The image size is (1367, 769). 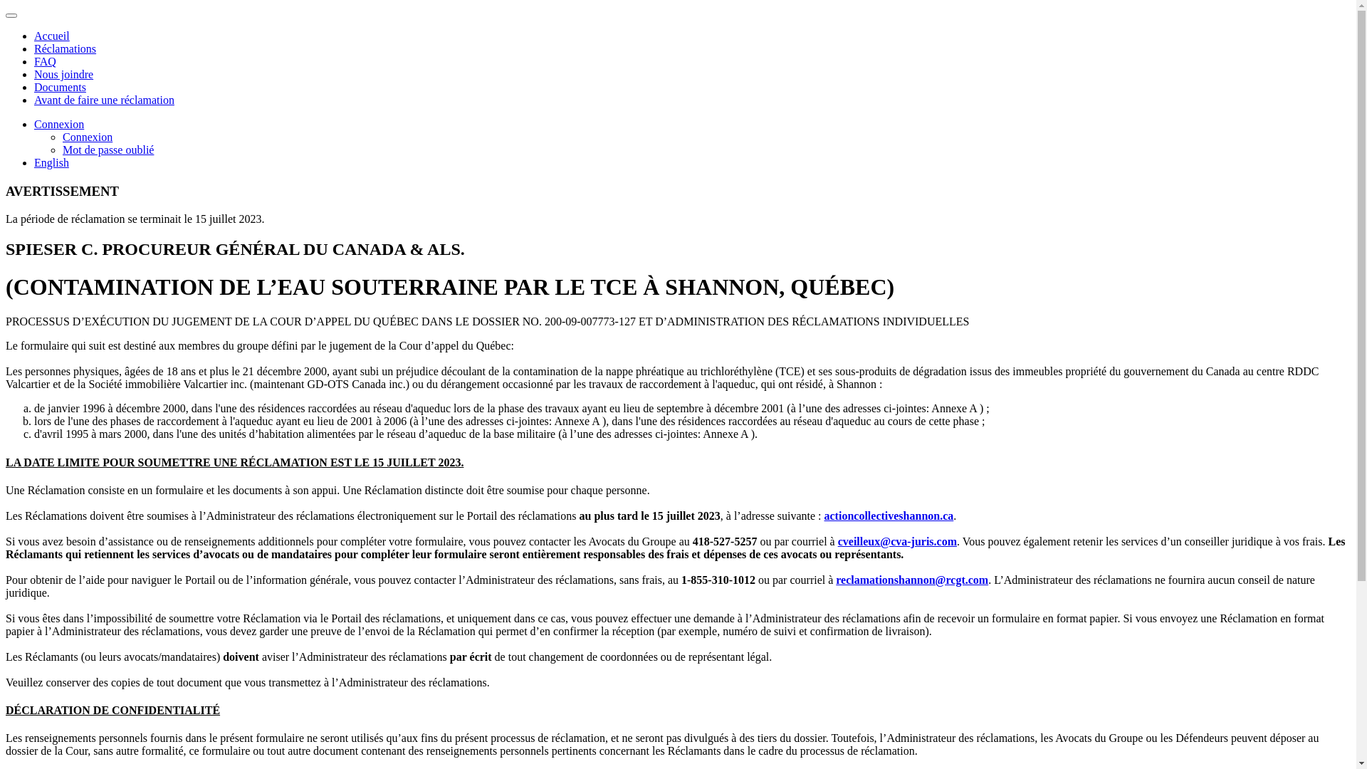 What do you see at coordinates (896, 541) in the screenshot?
I see `'cveilleux@cva-juris.com'` at bounding box center [896, 541].